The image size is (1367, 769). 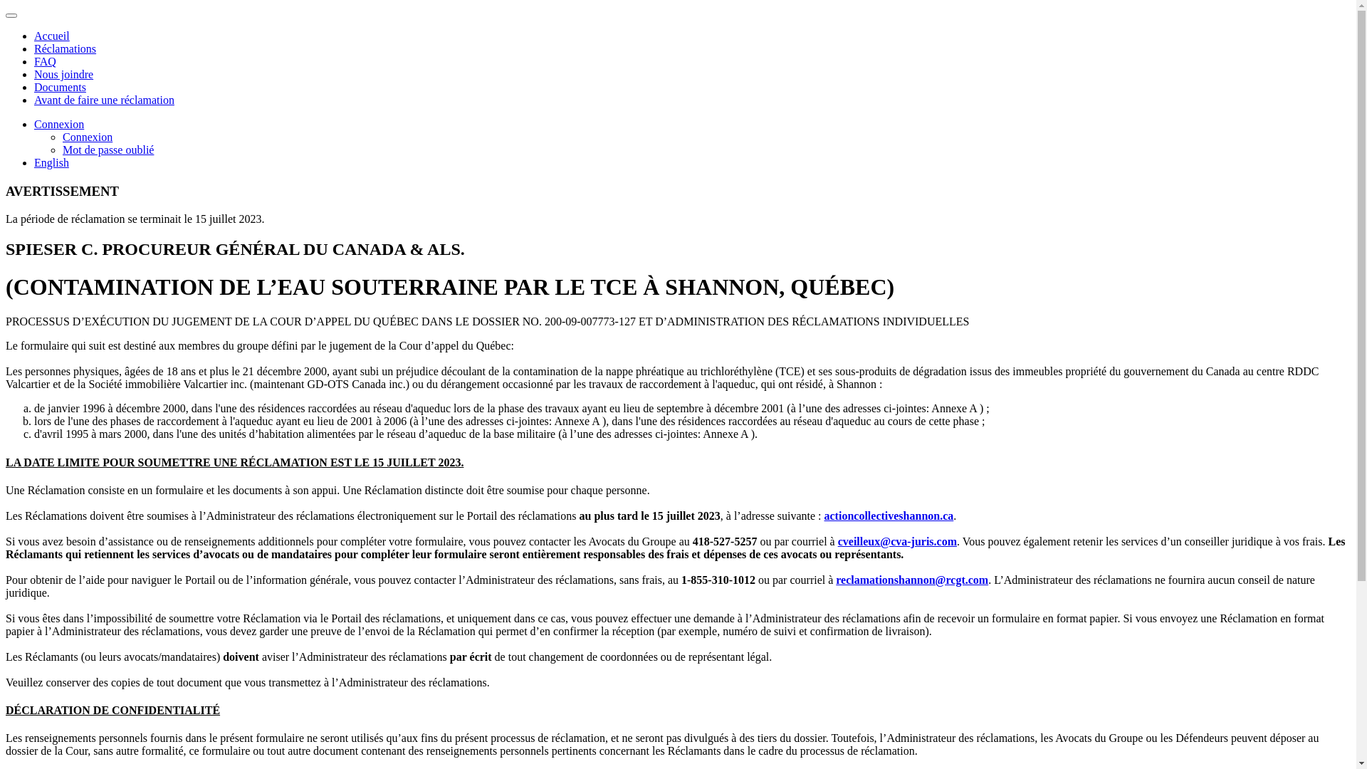 What do you see at coordinates (896, 541) in the screenshot?
I see `'cveilleux@cva-juris.com'` at bounding box center [896, 541].